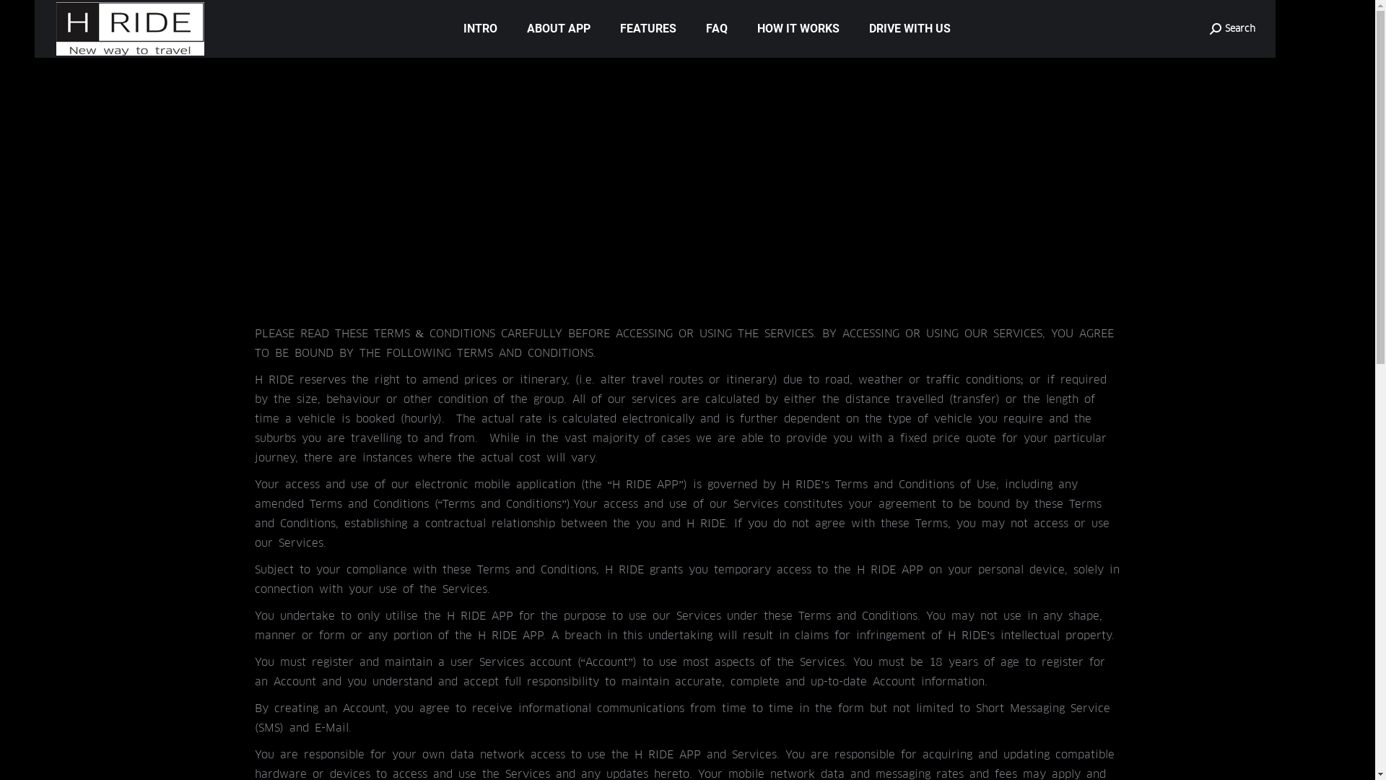 This screenshot has width=1386, height=780. What do you see at coordinates (691, 28) in the screenshot?
I see `'FAQ'` at bounding box center [691, 28].